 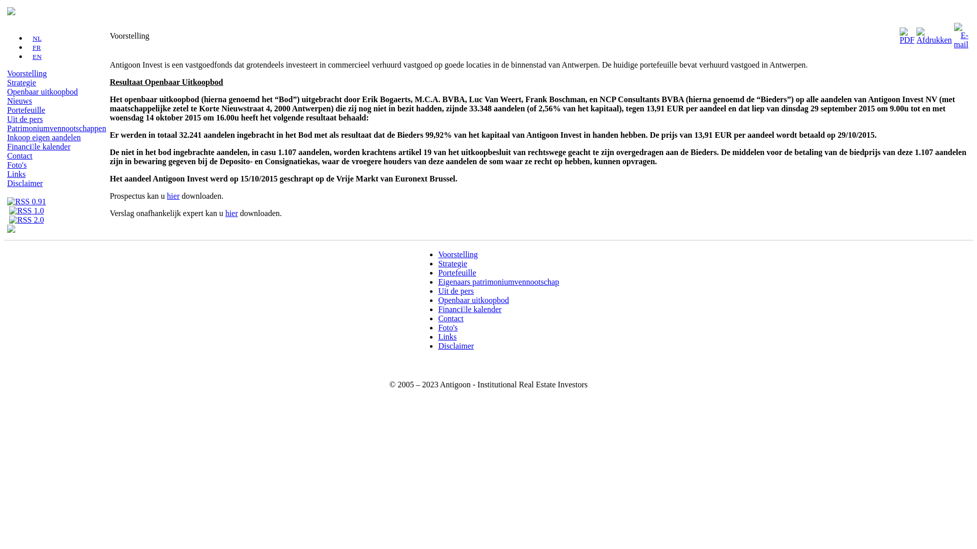 What do you see at coordinates (34, 56) in the screenshot?
I see `'EN'` at bounding box center [34, 56].